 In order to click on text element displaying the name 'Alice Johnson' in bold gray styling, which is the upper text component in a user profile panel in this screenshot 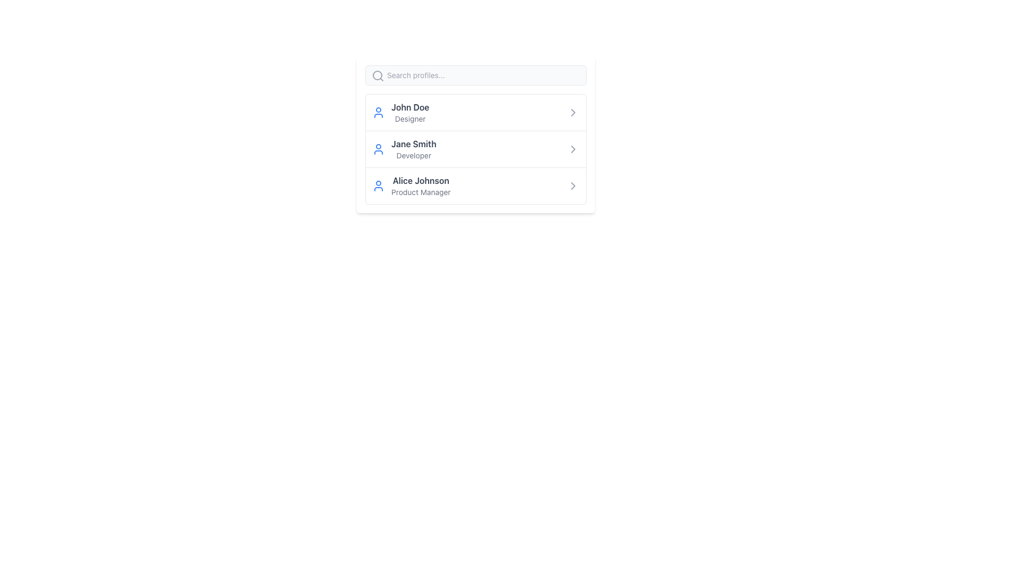, I will do `click(420, 180)`.